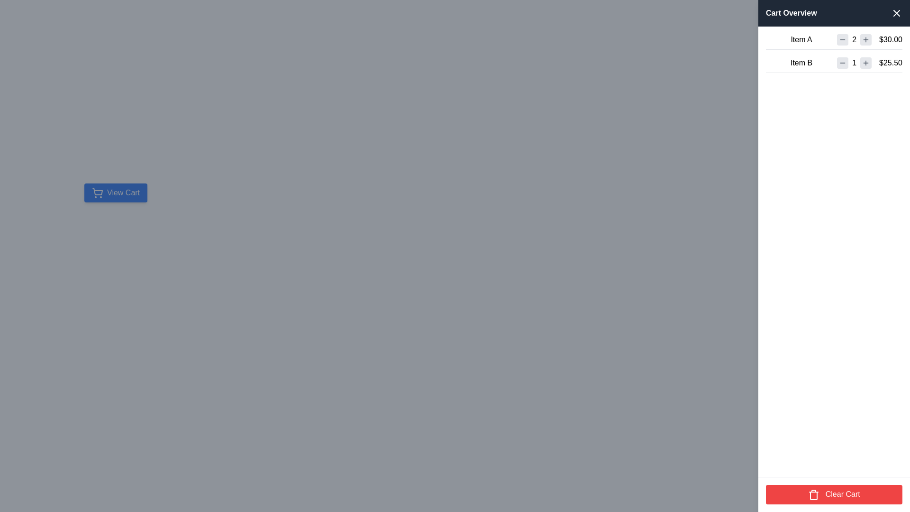 The image size is (910, 512). What do you see at coordinates (896, 13) in the screenshot?
I see `the close button represented by a dark background with a white 'X' symbol located in the top-right corner of the 'Cart Overview' section` at bounding box center [896, 13].